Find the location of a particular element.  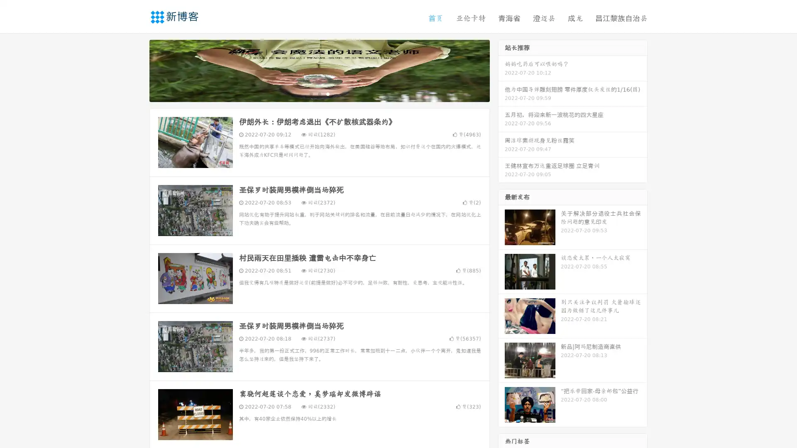

Go to slide 2 is located at coordinates (319, 93).